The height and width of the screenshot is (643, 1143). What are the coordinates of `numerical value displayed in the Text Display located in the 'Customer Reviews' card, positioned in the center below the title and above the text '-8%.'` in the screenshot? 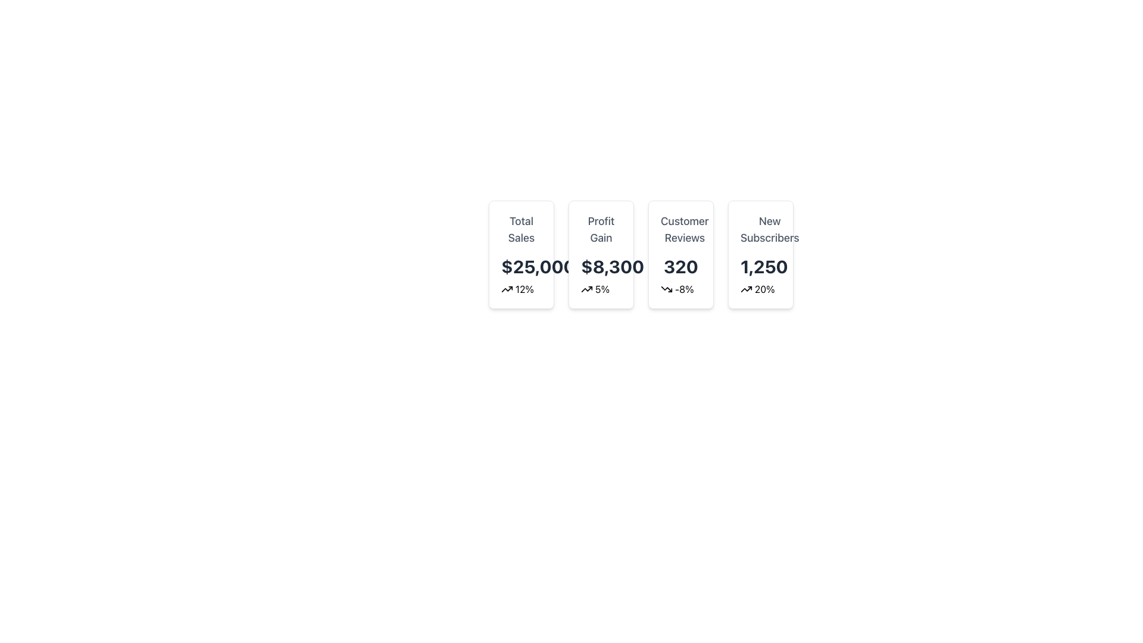 It's located at (680, 266).